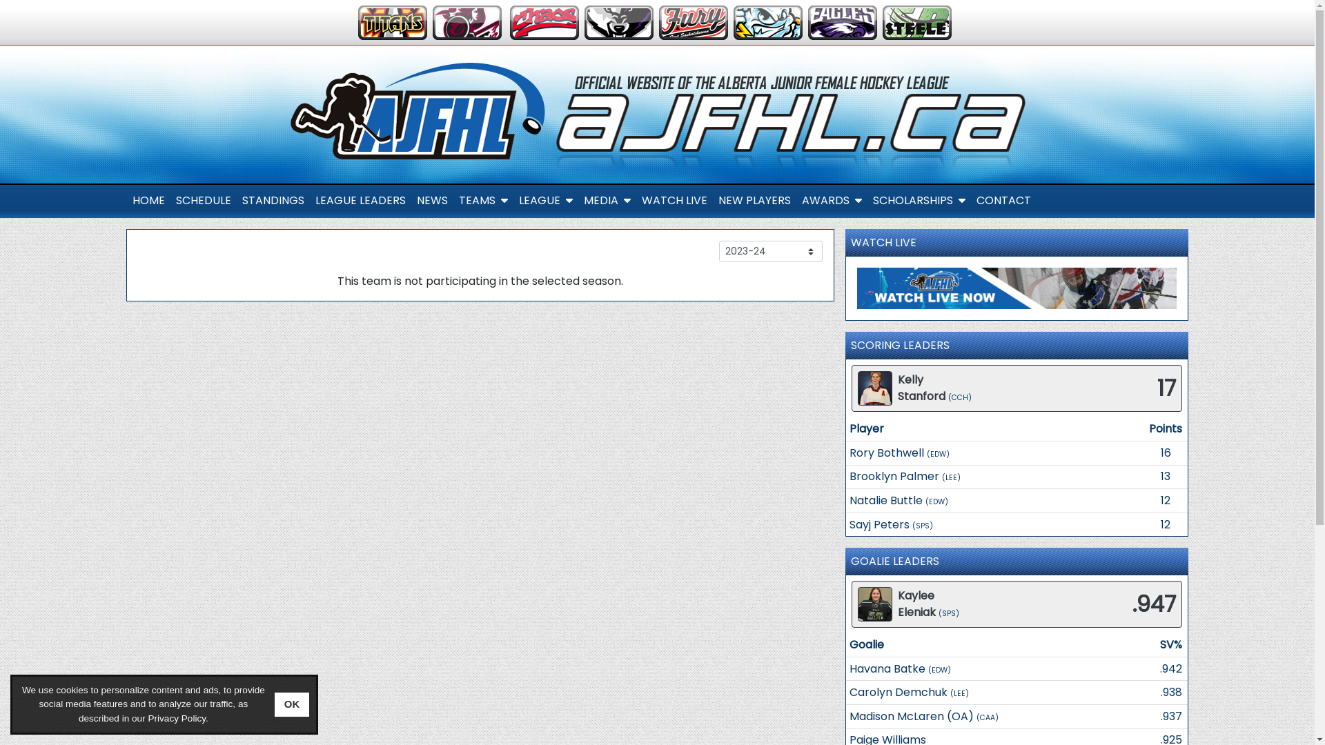  What do you see at coordinates (1003, 200) in the screenshot?
I see `'CONTACT'` at bounding box center [1003, 200].